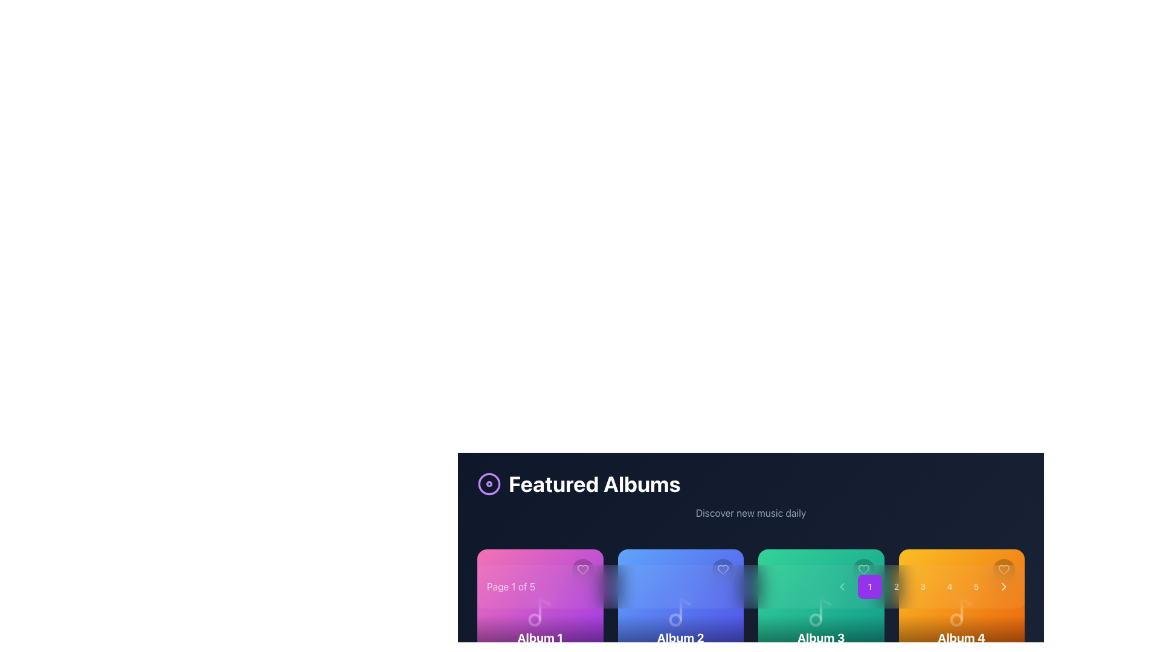  I want to click on the circular illustrative element in the middle-right section of the orange album card labeled 'Album 4', which is part of a music icon and situated above the album title, so click(956, 620).